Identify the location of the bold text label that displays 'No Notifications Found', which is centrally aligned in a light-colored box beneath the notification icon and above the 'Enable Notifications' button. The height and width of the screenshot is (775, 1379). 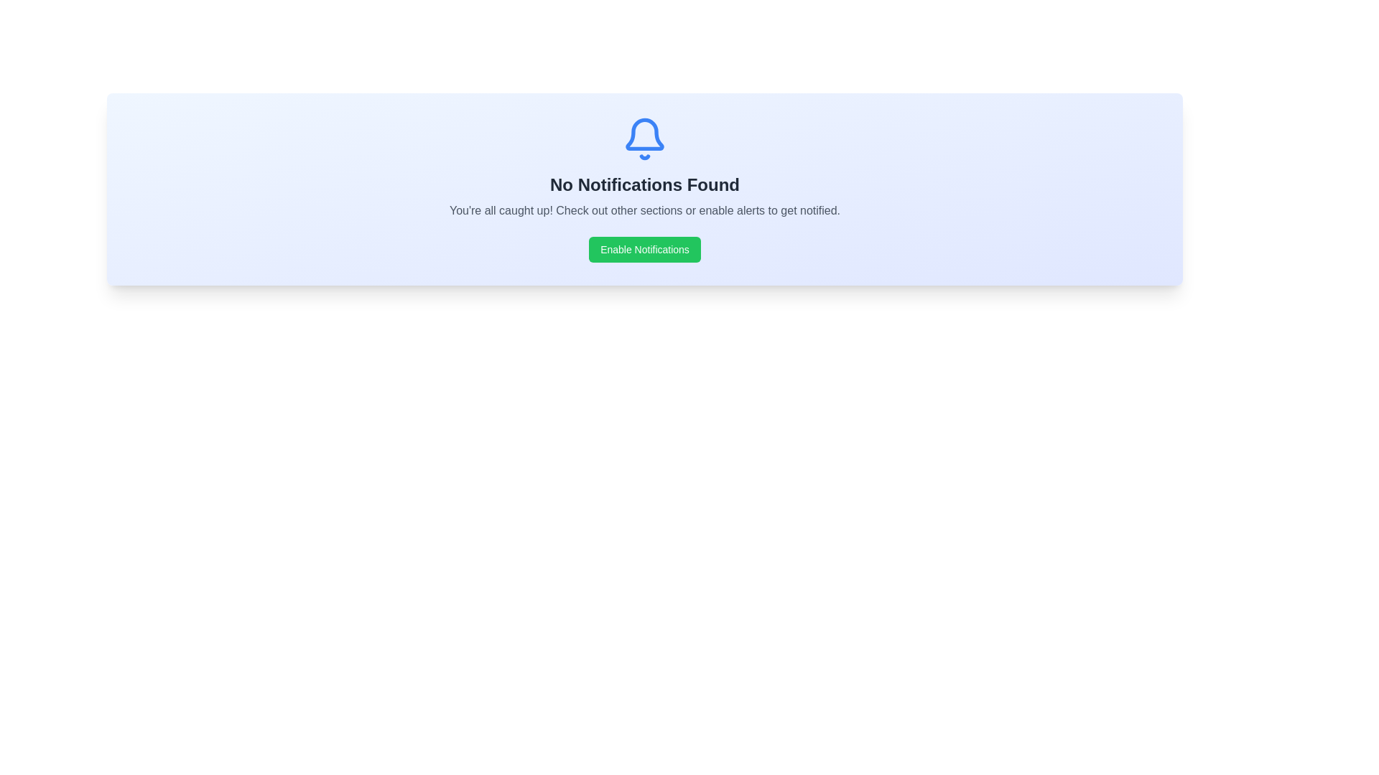
(644, 184).